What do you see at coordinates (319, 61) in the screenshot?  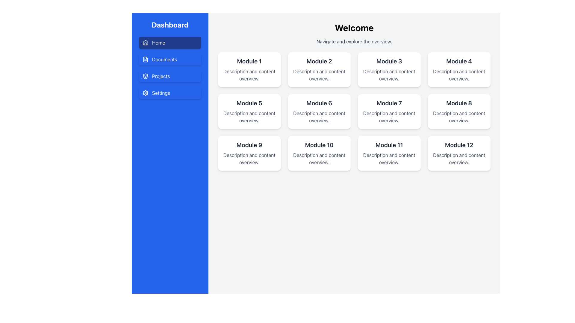 I see `text from the primary header text label located in the second position of the top row of module cards, just beneath the central 'Welcome' header` at bounding box center [319, 61].